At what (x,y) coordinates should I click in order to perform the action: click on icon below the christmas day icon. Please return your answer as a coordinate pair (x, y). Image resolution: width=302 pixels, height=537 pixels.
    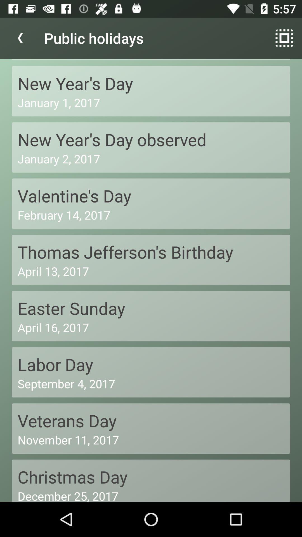
    Looking at the image, I should click on (151, 495).